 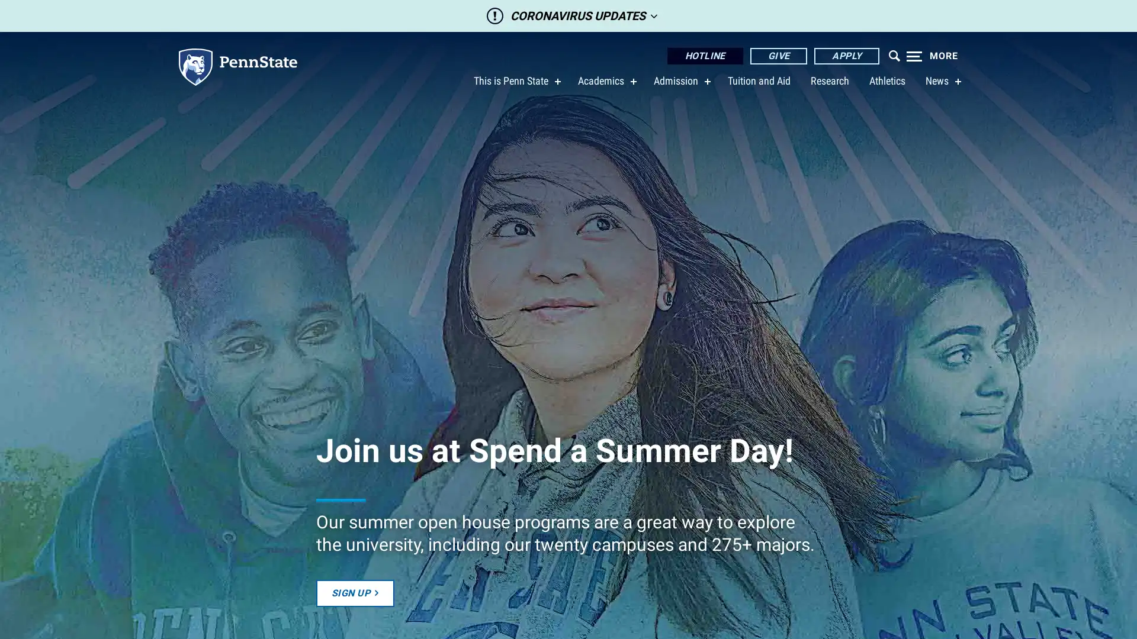 What do you see at coordinates (702, 81) in the screenshot?
I see `show submenu for Admission` at bounding box center [702, 81].